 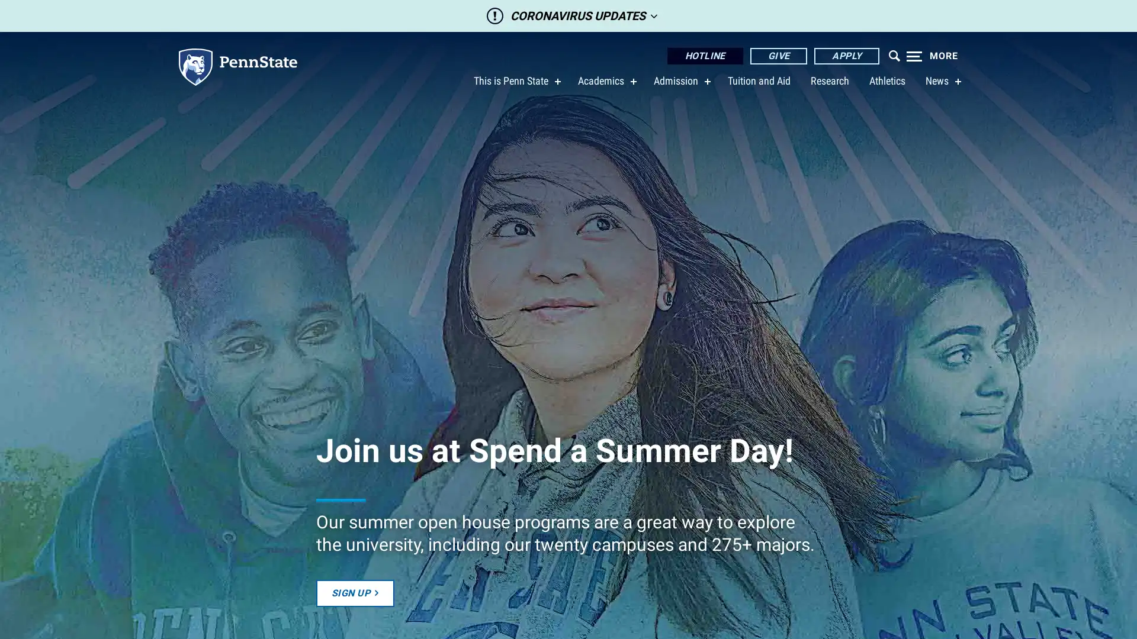 What do you see at coordinates (702, 81) in the screenshot?
I see `show submenu for Admission` at bounding box center [702, 81].